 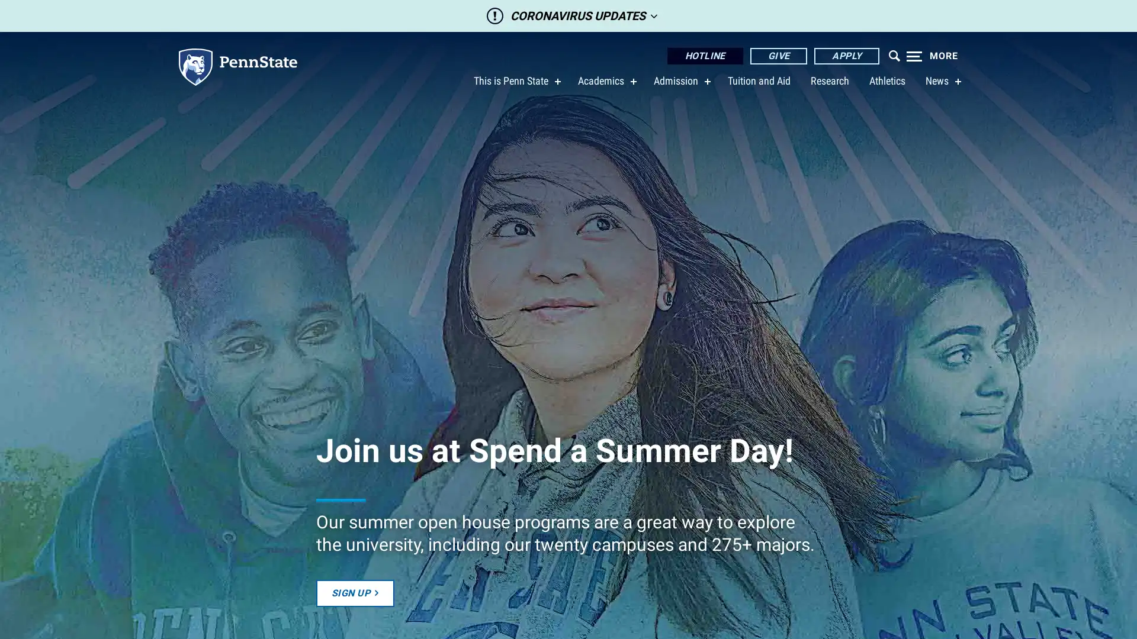 What do you see at coordinates (702, 81) in the screenshot?
I see `show submenu for Admission` at bounding box center [702, 81].